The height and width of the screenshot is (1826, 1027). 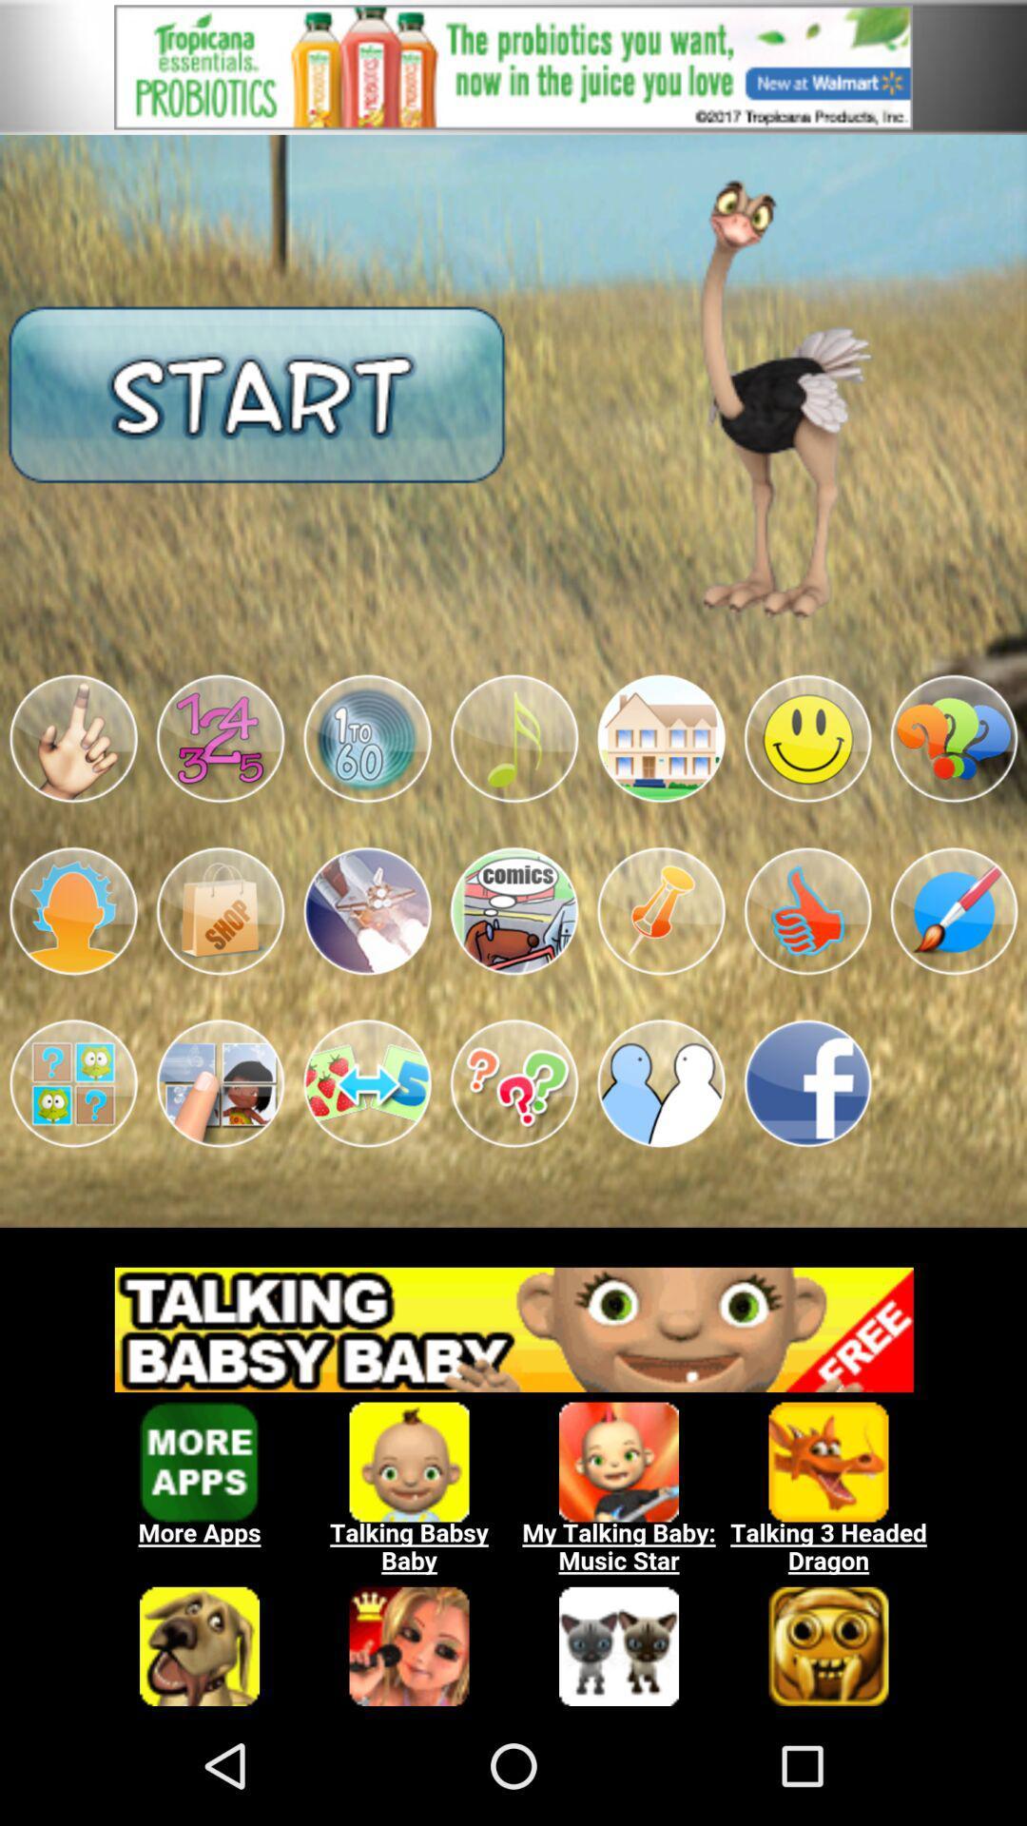 What do you see at coordinates (660, 910) in the screenshot?
I see `open image` at bounding box center [660, 910].